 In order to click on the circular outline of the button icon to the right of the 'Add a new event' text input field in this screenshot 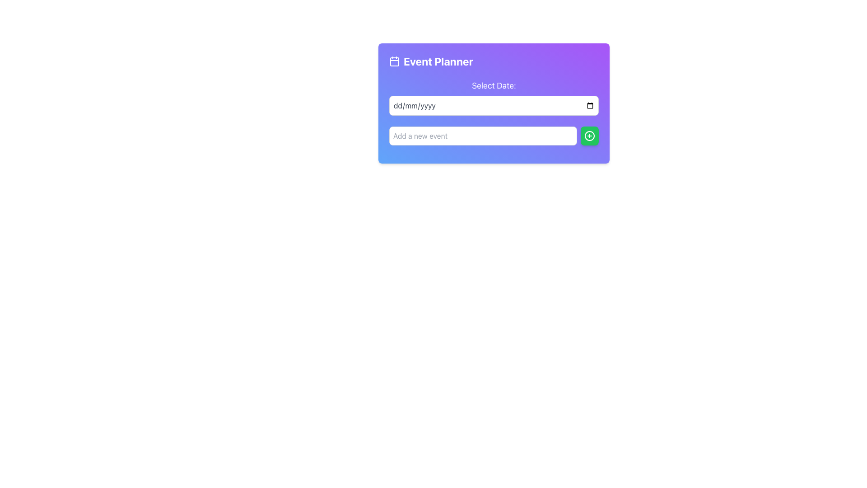, I will do `click(589, 136)`.